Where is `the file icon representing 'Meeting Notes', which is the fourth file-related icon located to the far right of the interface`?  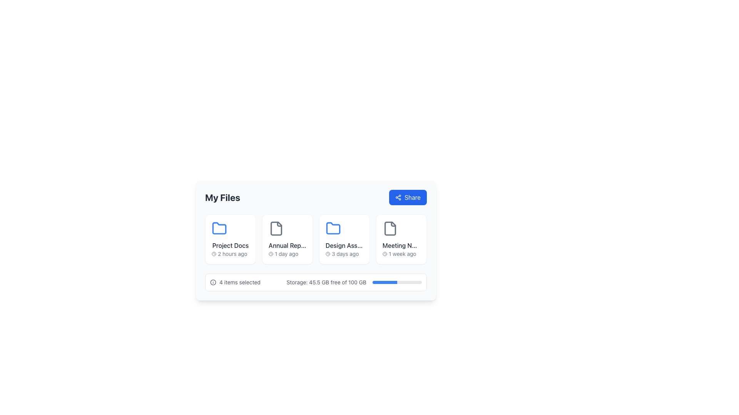
the file icon representing 'Meeting Notes', which is the fourth file-related icon located to the far right of the interface is located at coordinates (390, 228).